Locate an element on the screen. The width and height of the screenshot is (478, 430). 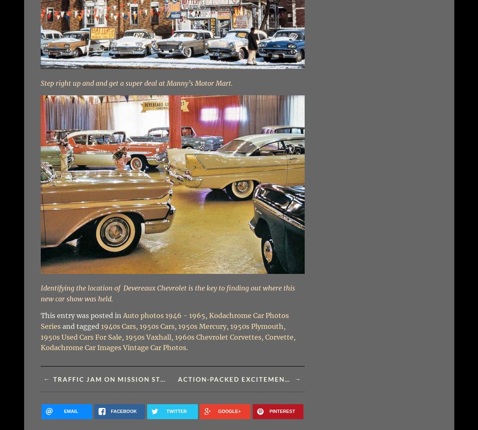
'1940s Cars' is located at coordinates (118, 326).